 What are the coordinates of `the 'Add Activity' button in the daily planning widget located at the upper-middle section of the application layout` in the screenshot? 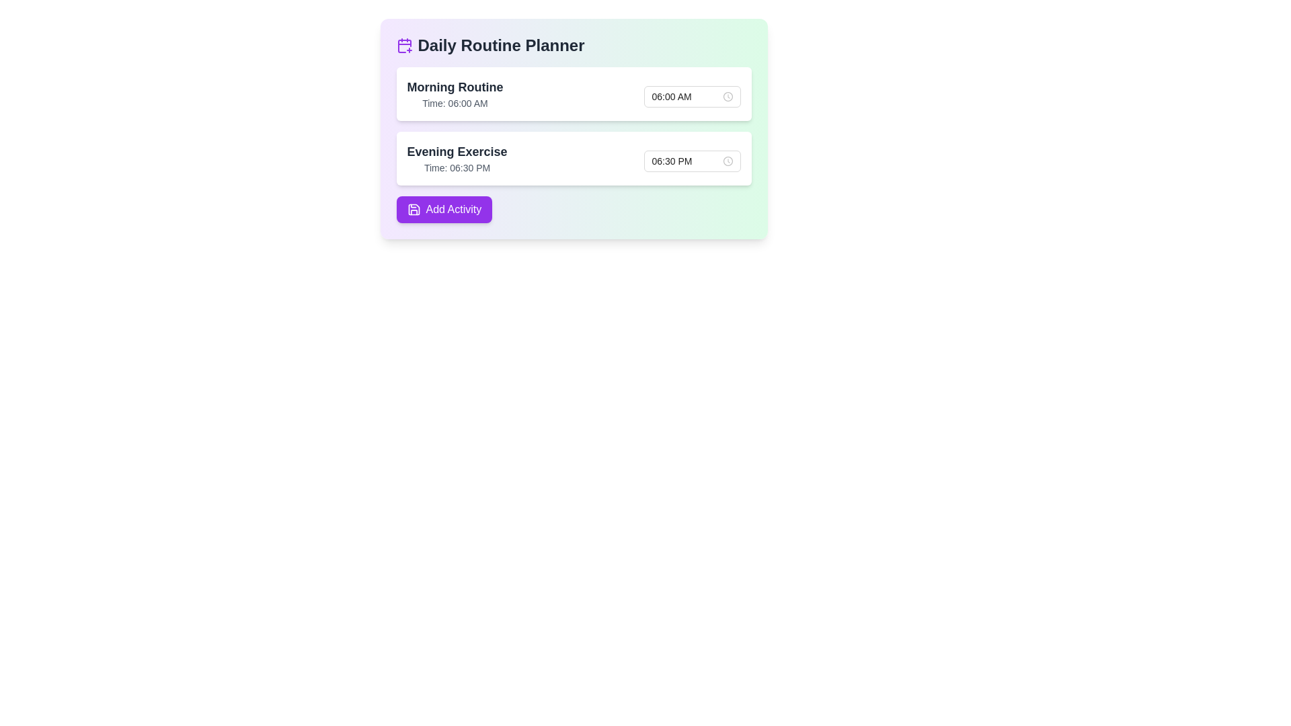 It's located at (574, 129).